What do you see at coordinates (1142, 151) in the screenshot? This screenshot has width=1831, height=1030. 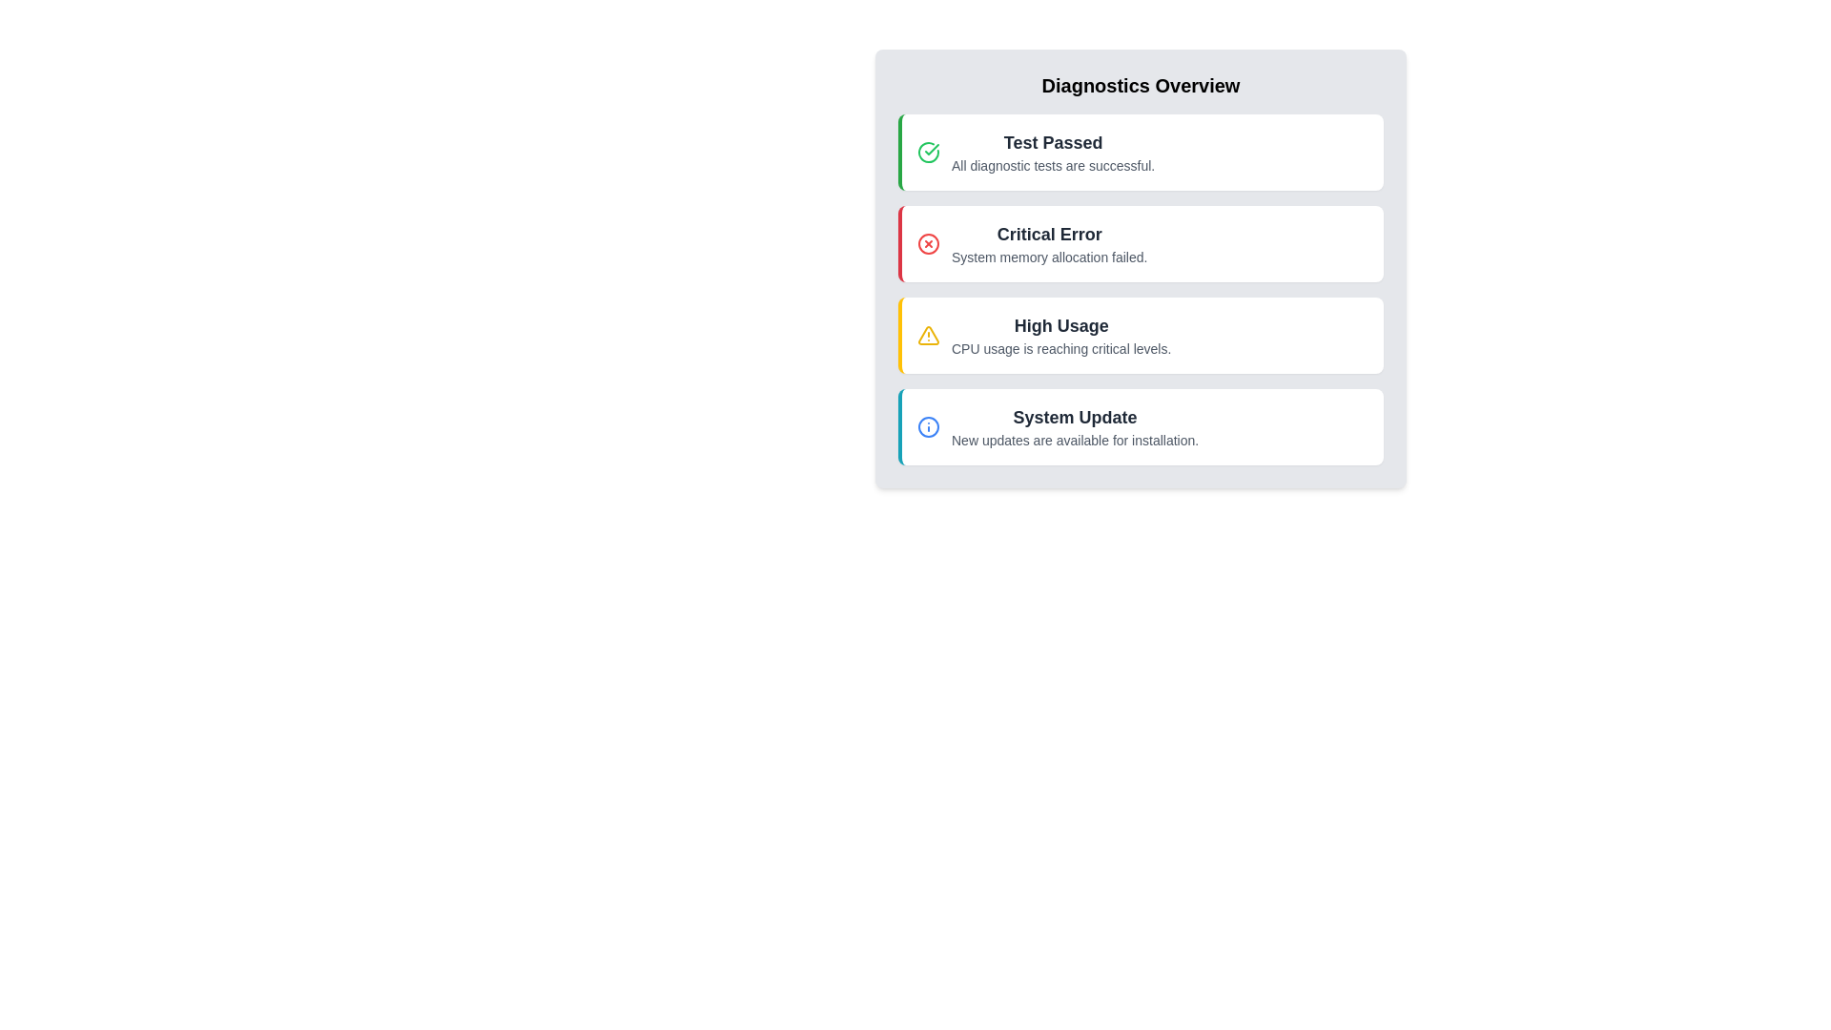 I see `text of the Notification banner which has a green left border, bold header 'Test Passed', and subtext 'All diagnostic tests are successful.'` at bounding box center [1142, 151].